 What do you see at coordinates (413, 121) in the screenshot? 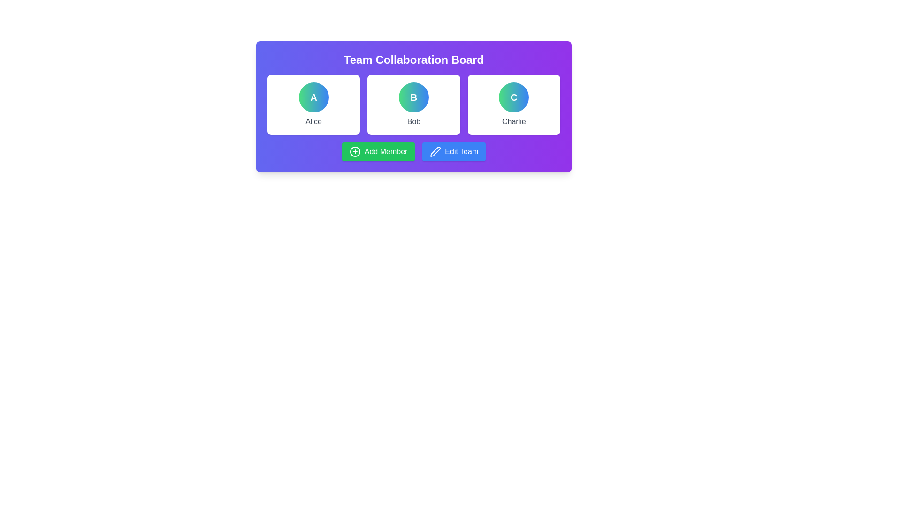
I see `text content displayed in the Text Label beneath the avatar named 'Bob', which is centrally located in the middle card of three horizontally-aligned user profiles` at bounding box center [413, 121].